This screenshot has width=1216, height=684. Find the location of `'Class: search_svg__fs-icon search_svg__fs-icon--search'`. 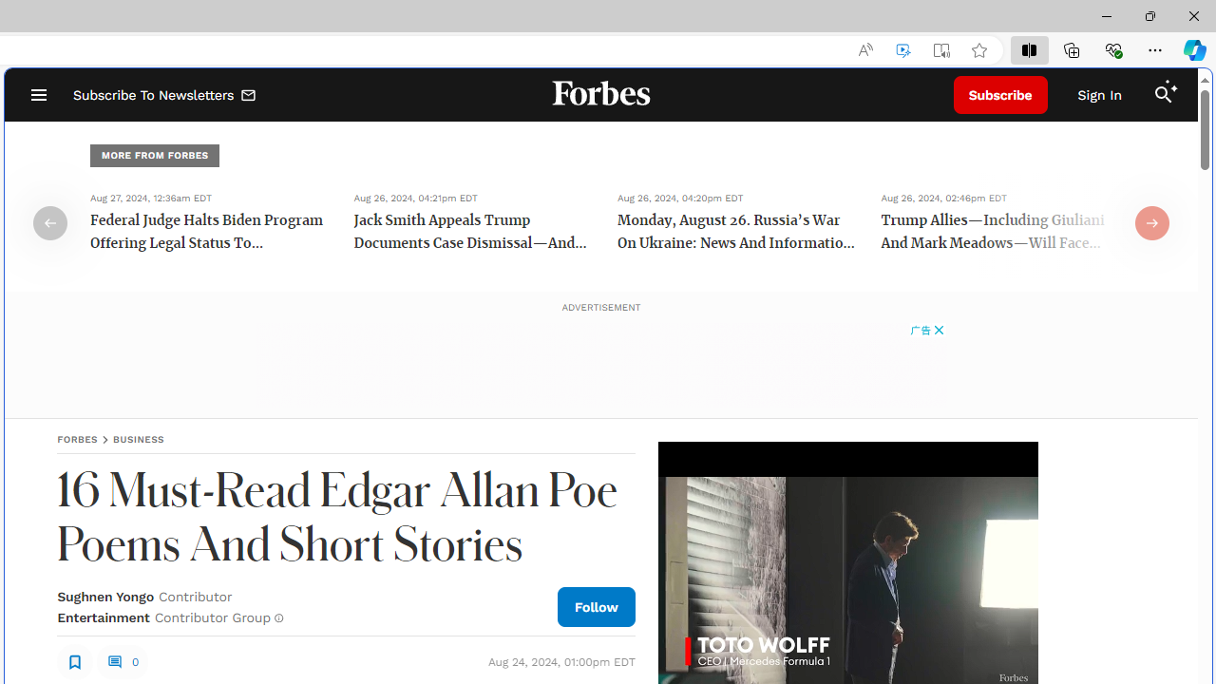

'Class: search_svg__fs-icon search_svg__fs-icon--search' is located at coordinates (1162, 95).